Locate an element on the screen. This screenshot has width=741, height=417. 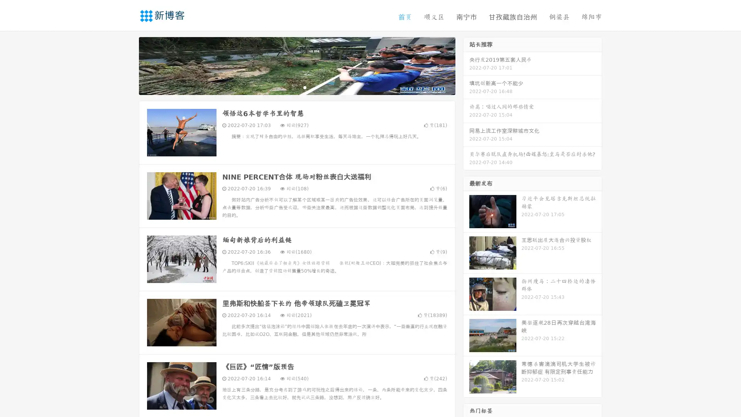
Next slide is located at coordinates (466, 65).